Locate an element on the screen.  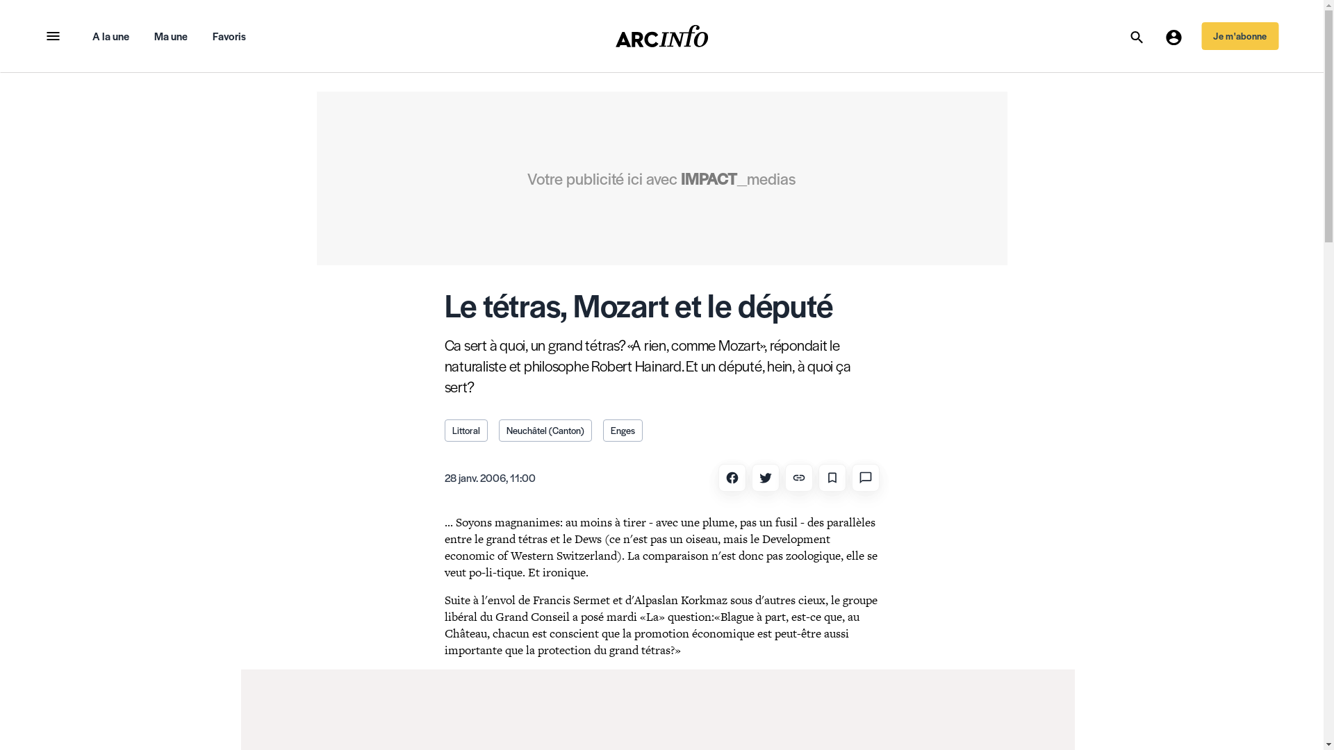
'A la une' is located at coordinates (109, 35).